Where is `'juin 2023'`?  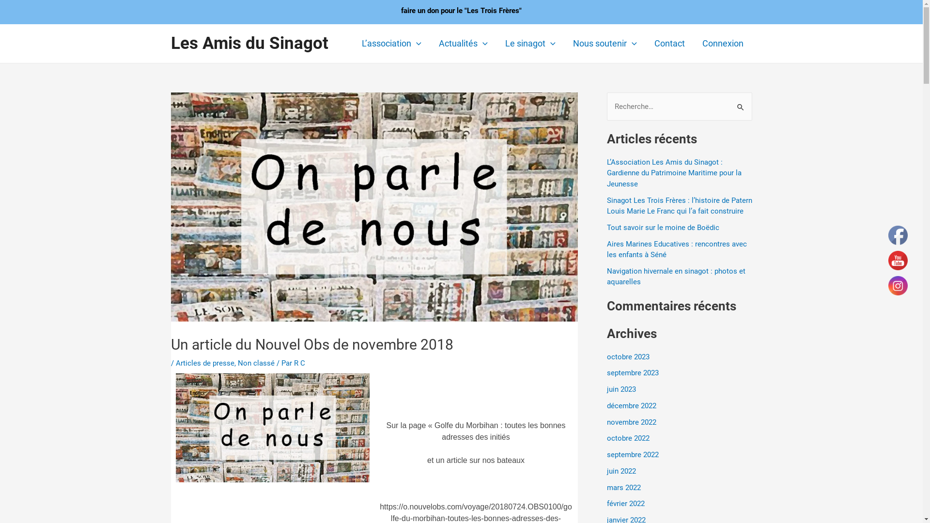
'juin 2023' is located at coordinates (620, 388).